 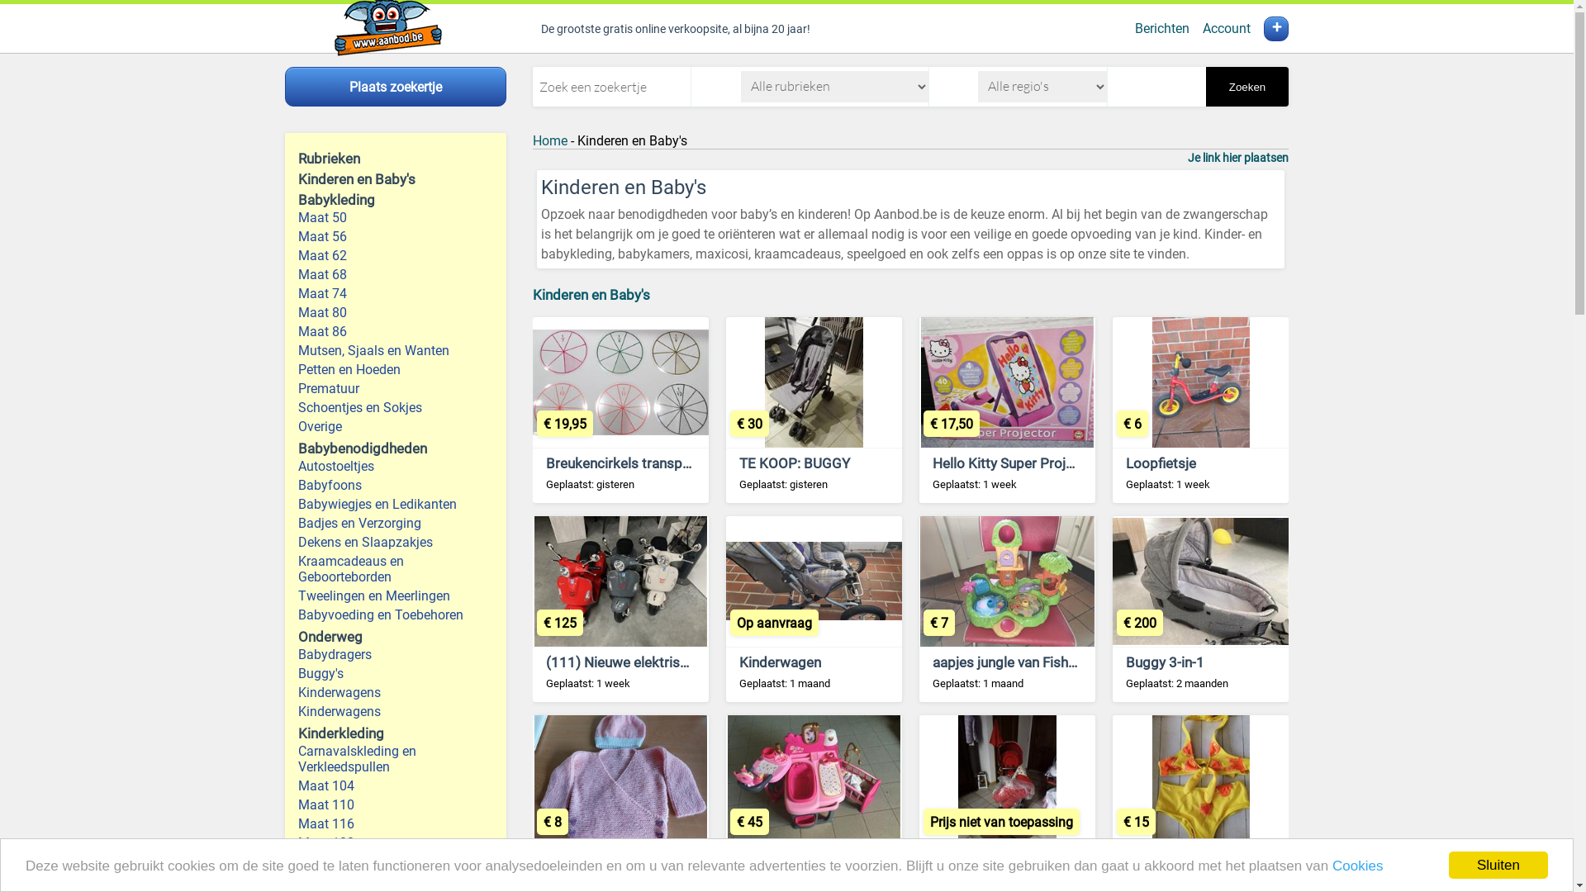 I want to click on 'Mutsen, Sjaals en Wanten', so click(x=395, y=349).